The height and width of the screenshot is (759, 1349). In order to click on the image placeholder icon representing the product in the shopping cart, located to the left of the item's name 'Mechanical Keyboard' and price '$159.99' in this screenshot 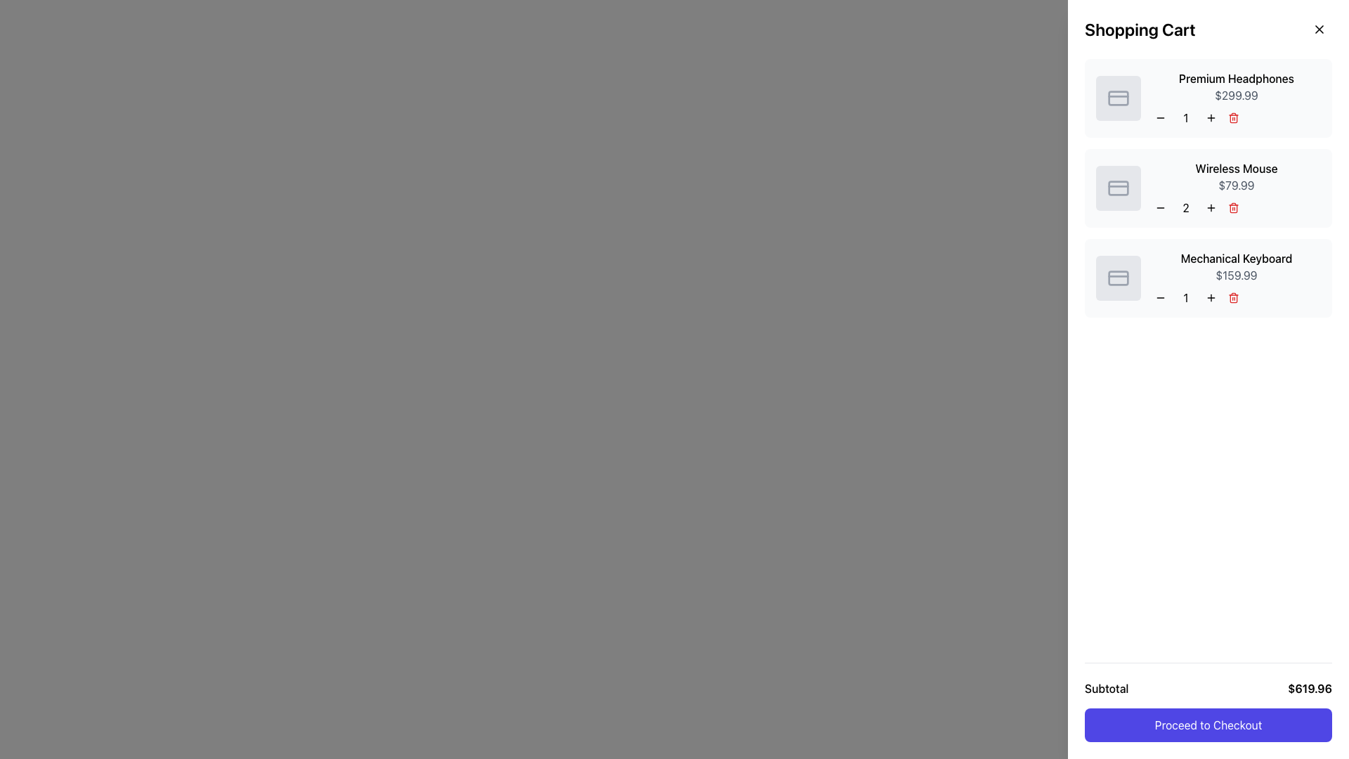, I will do `click(1118, 278)`.